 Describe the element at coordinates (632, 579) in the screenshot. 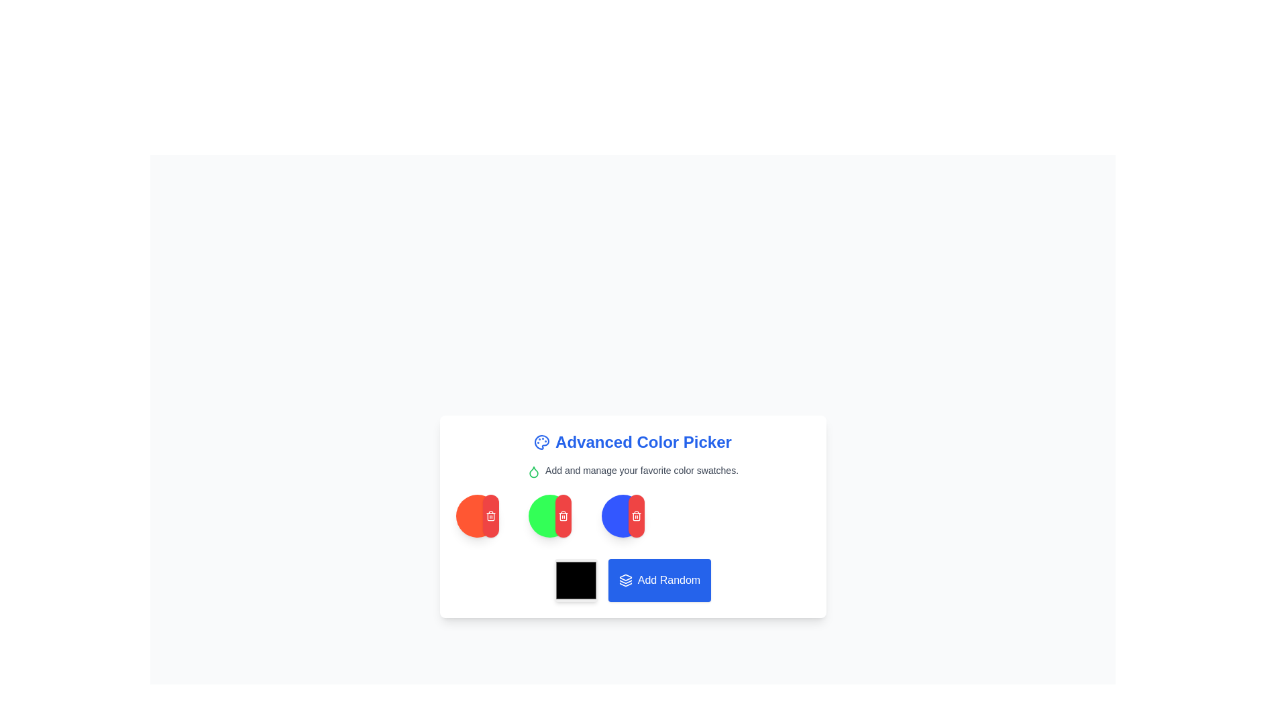

I see `the blue rectangular button with a rounded border labeled 'Add Random'` at that location.